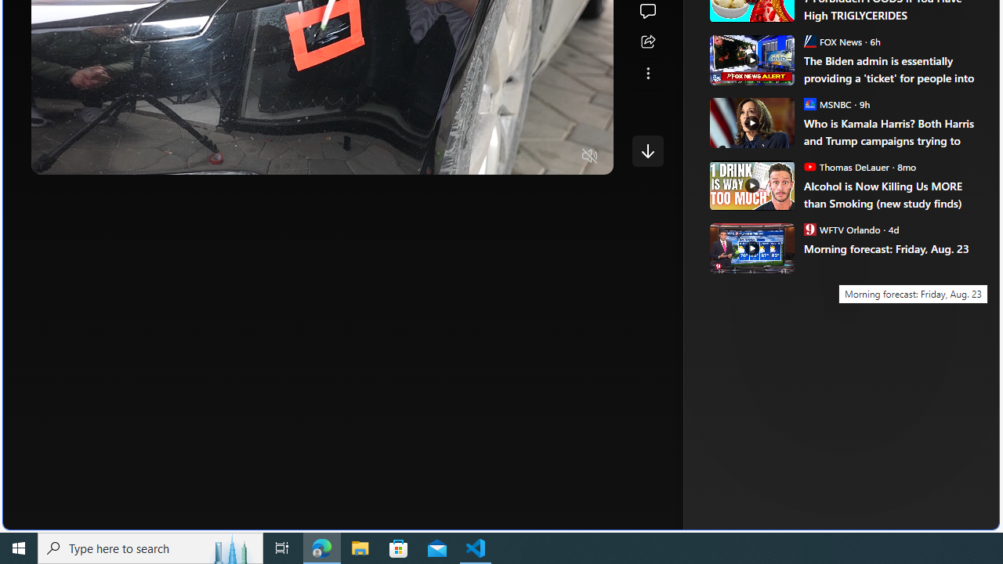 Image resolution: width=1003 pixels, height=564 pixels. Describe the element at coordinates (809, 103) in the screenshot. I see `'MSNBC'` at that location.